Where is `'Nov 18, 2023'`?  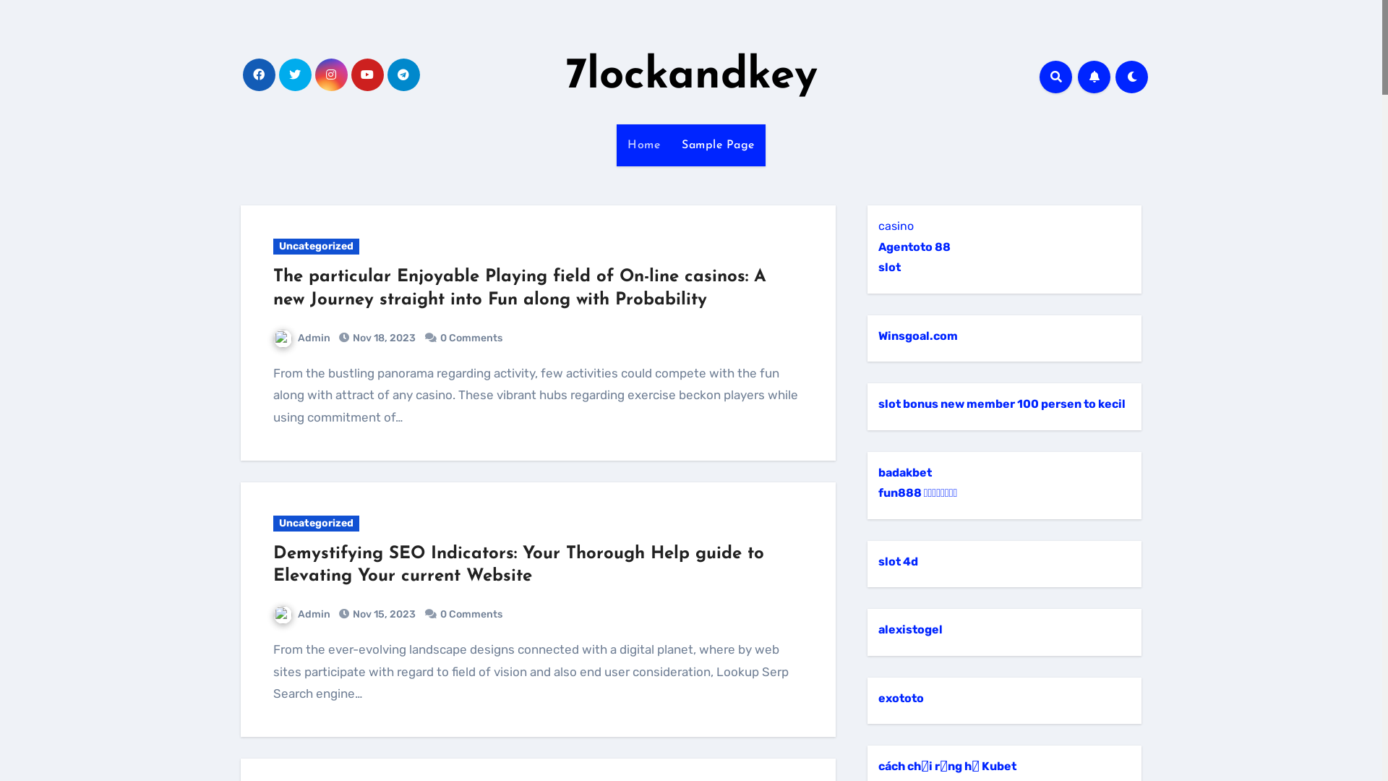
'Nov 18, 2023' is located at coordinates (350, 338).